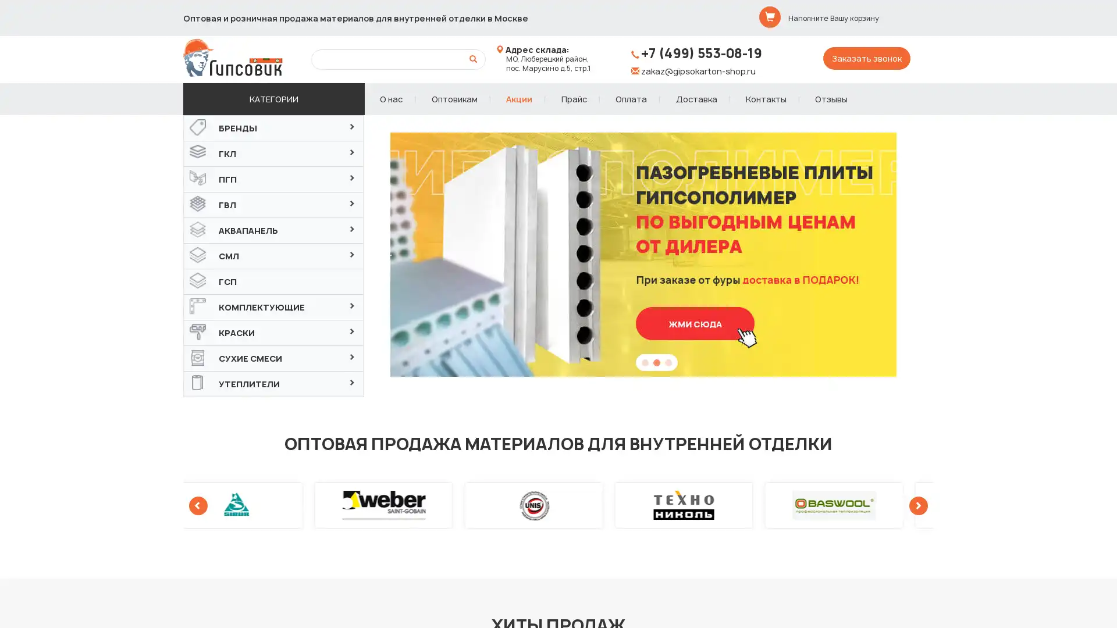  What do you see at coordinates (387, 254) in the screenshot?
I see `Previous` at bounding box center [387, 254].